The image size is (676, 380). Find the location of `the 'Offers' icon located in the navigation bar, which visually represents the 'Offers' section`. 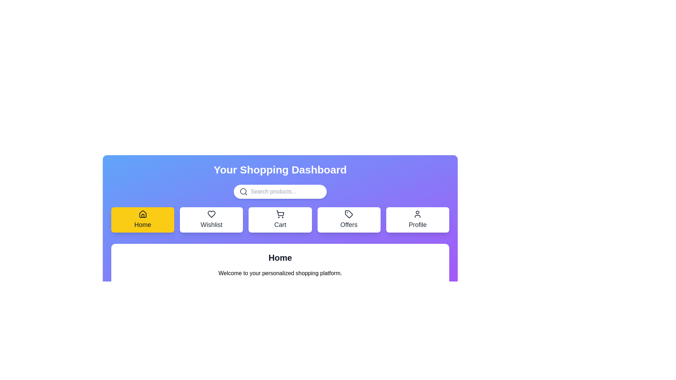

the 'Offers' icon located in the navigation bar, which visually represents the 'Offers' section is located at coordinates (349, 214).